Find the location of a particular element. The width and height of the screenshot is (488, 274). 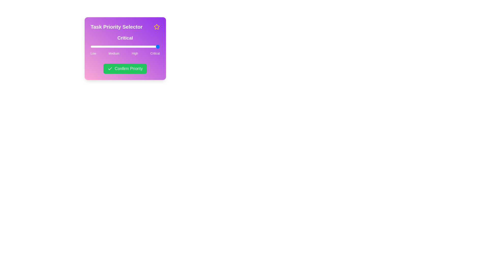

the priority level on the slider is located at coordinates (113, 47).